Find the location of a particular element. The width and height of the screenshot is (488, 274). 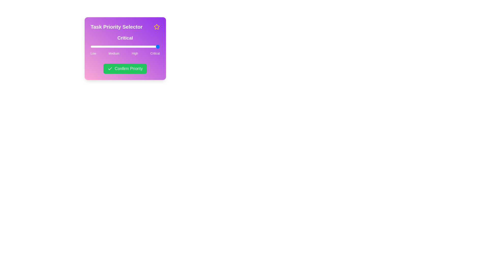

the priority level on the slider is located at coordinates (113, 47).